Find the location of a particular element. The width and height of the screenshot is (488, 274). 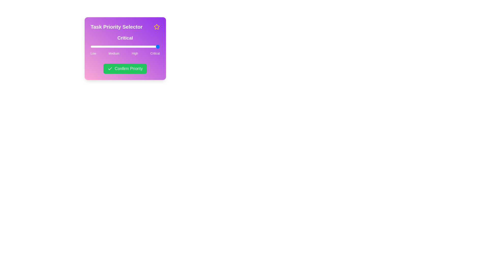

the priority level on the slider is located at coordinates (113, 47).